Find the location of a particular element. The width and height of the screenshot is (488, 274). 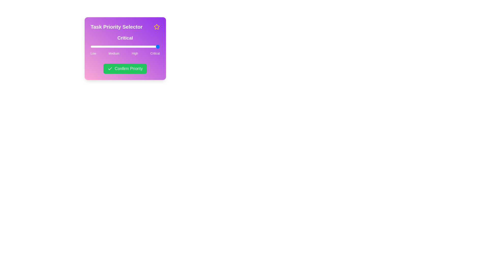

the priority level on the slider is located at coordinates (113, 47).